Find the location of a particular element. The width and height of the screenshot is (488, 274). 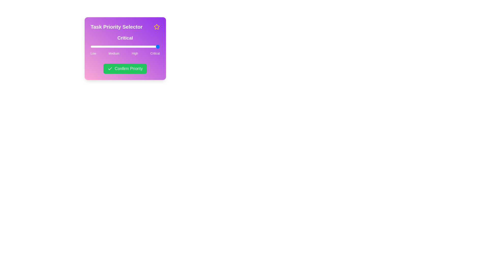

the priority level on the slider is located at coordinates (113, 47).